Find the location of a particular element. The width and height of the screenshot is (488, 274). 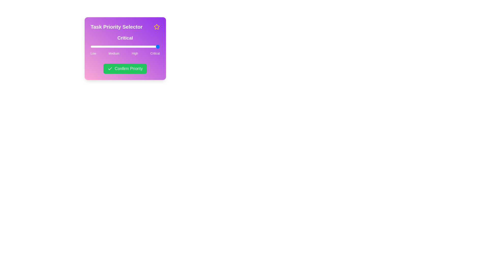

the priority level on the slider is located at coordinates (113, 47).